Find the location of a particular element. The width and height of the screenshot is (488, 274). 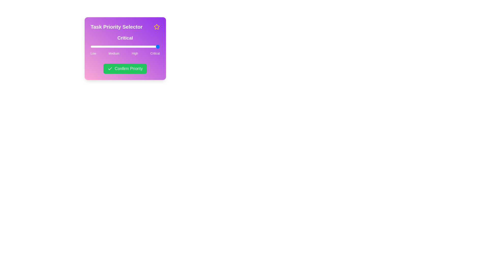

the priority level on the slider is located at coordinates (113, 47).